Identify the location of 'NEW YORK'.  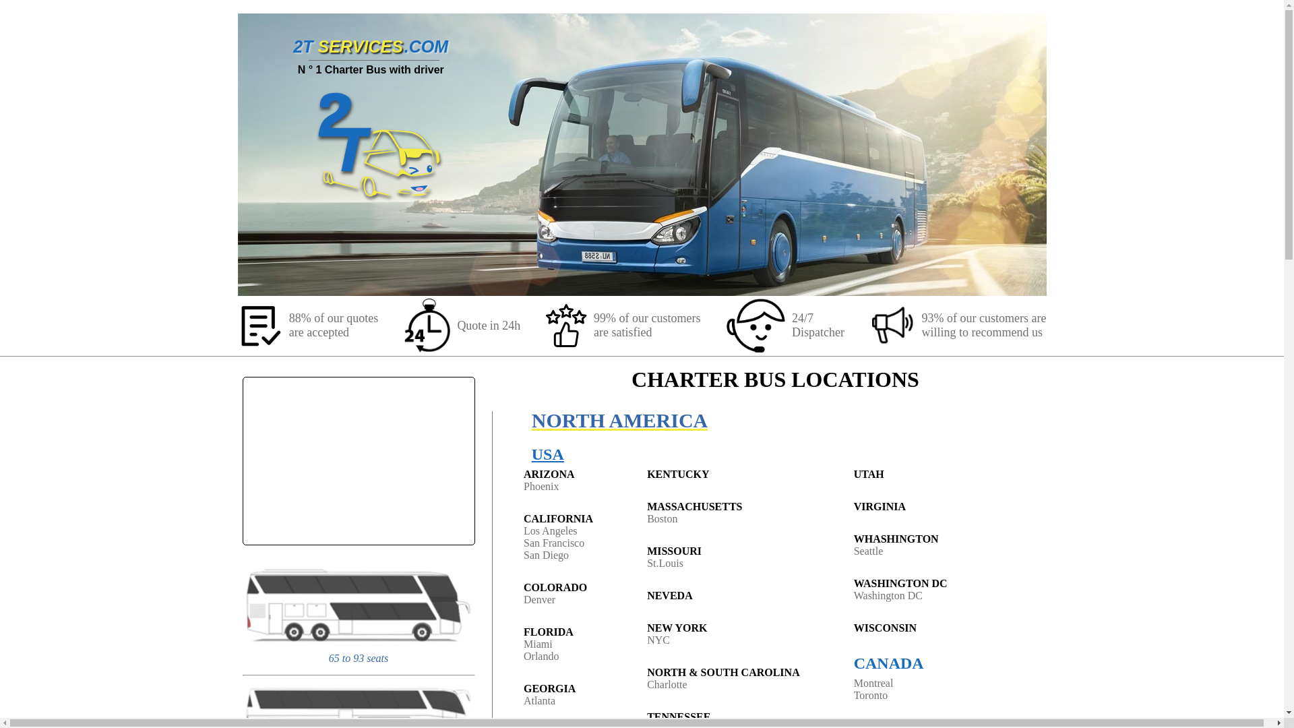
(677, 628).